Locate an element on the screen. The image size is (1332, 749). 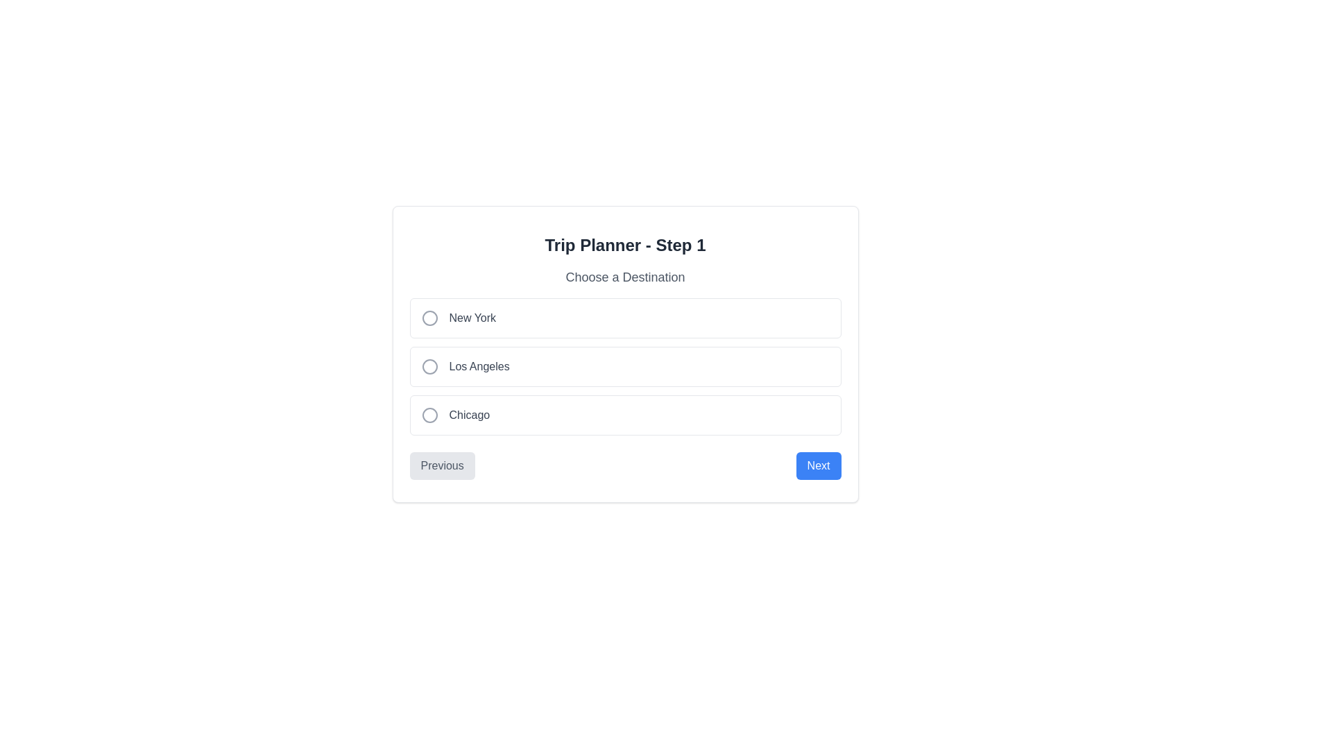
the 'New York' destination label in the trip planner form, which is positioned to the right of the small circle icon in the 'Choose a Destination' section is located at coordinates (472, 318).